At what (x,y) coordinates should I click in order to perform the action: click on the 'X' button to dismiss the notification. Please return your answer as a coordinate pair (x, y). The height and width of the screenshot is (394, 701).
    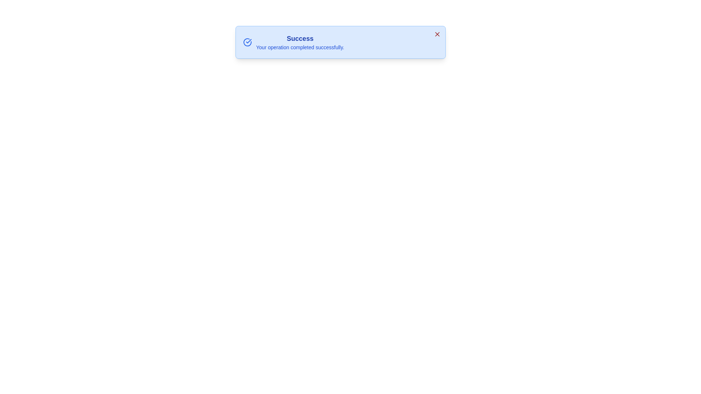
    Looking at the image, I should click on (437, 34).